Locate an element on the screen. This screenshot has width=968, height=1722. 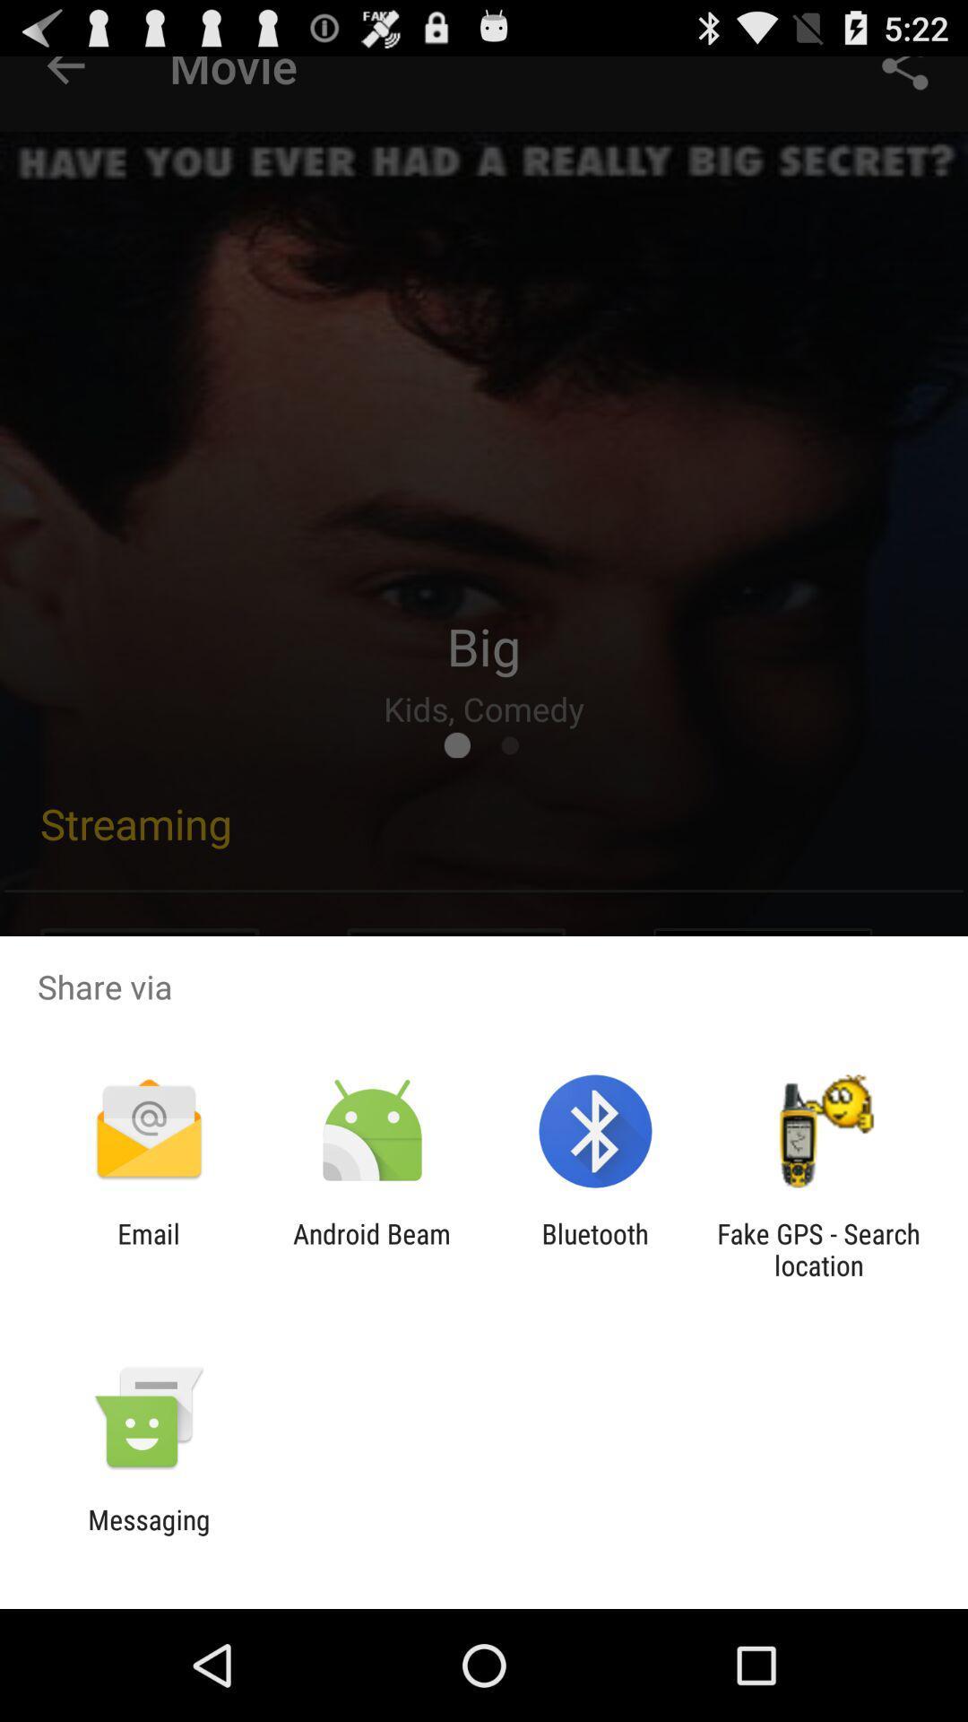
the item to the right of bluetooth app is located at coordinates (818, 1248).